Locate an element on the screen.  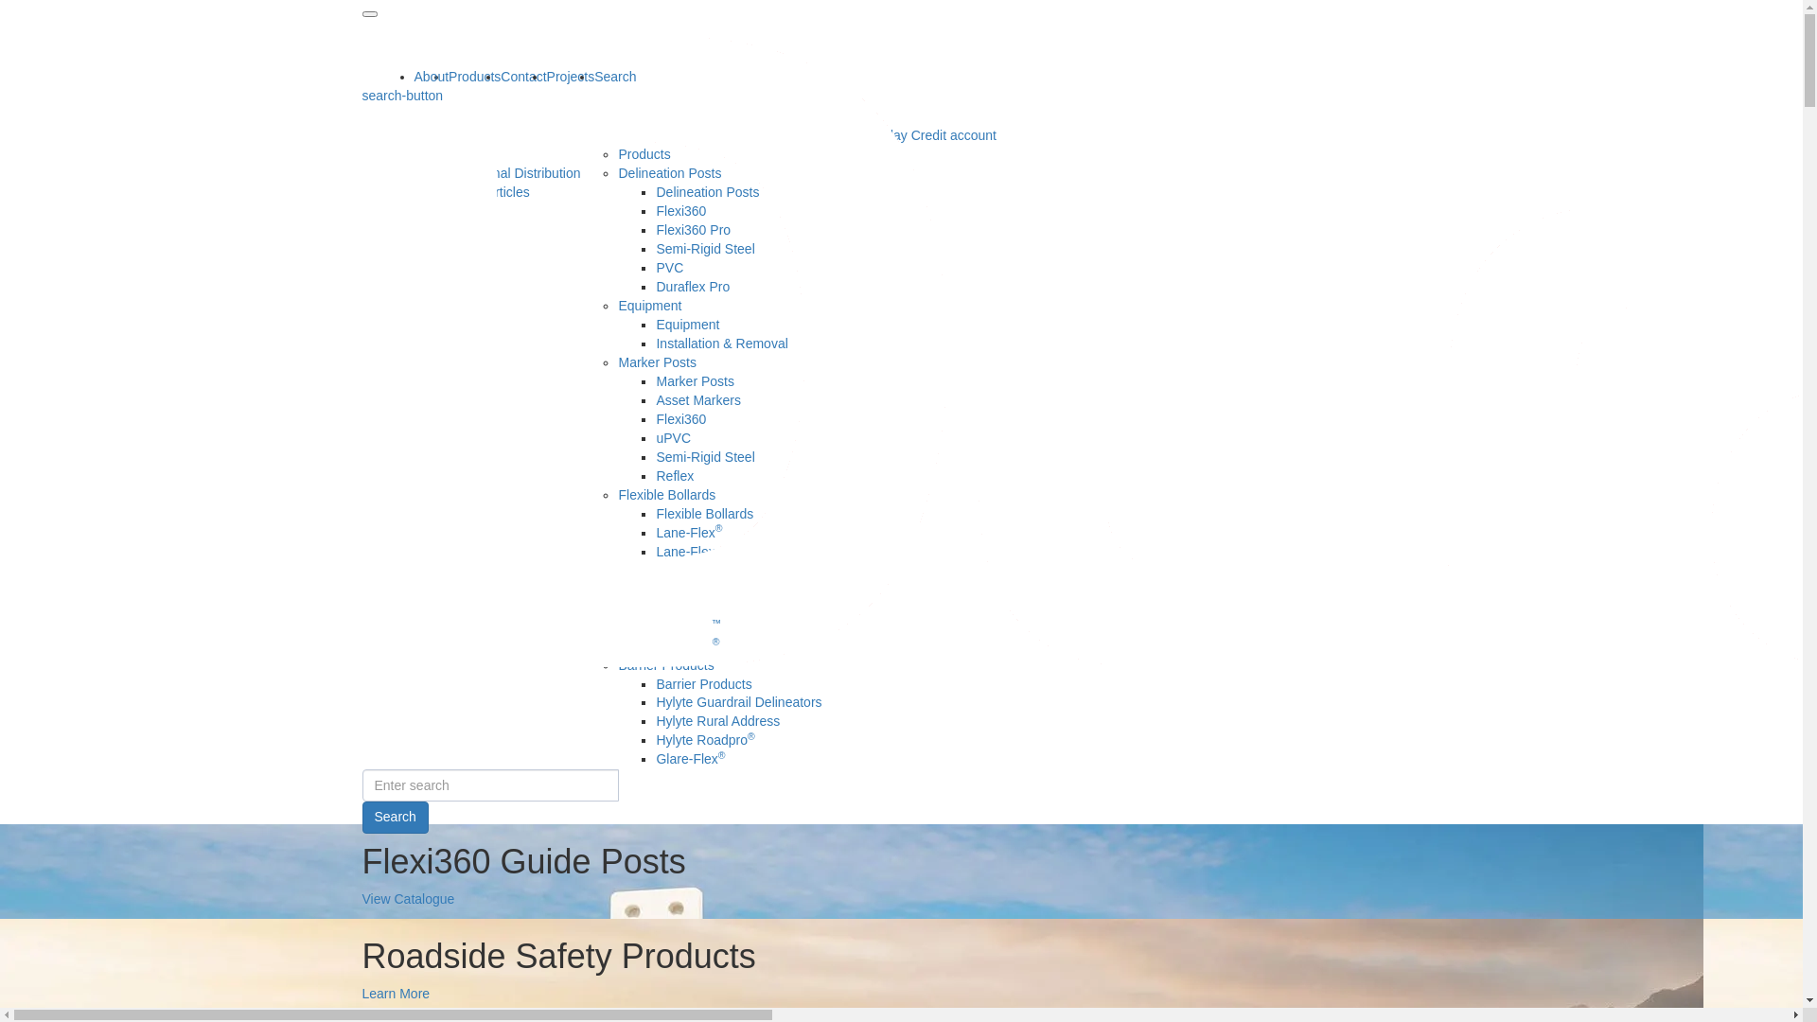
'Delineation Posts' is located at coordinates (669, 172).